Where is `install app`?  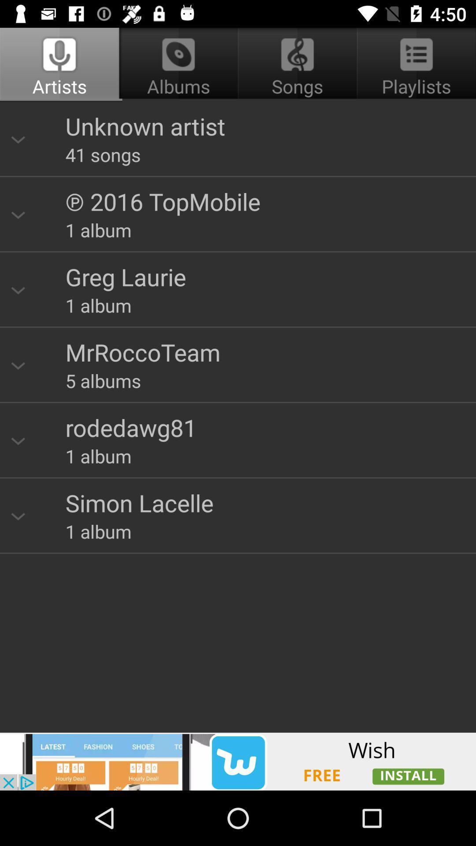
install app is located at coordinates (238, 761).